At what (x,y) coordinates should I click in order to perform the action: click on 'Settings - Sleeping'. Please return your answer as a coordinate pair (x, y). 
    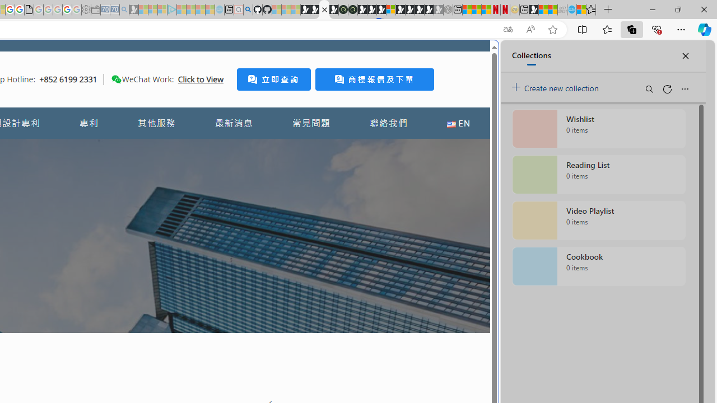
    Looking at the image, I should click on (86, 10).